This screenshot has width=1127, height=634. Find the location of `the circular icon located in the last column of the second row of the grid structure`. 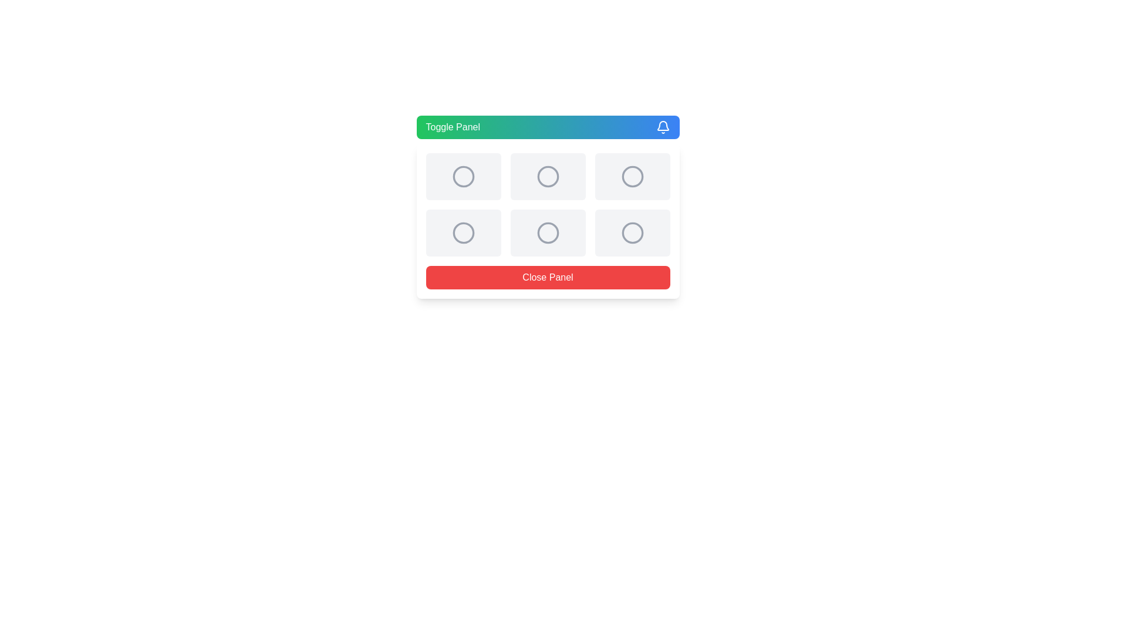

the circular icon located in the last column of the second row of the grid structure is located at coordinates (632, 233).